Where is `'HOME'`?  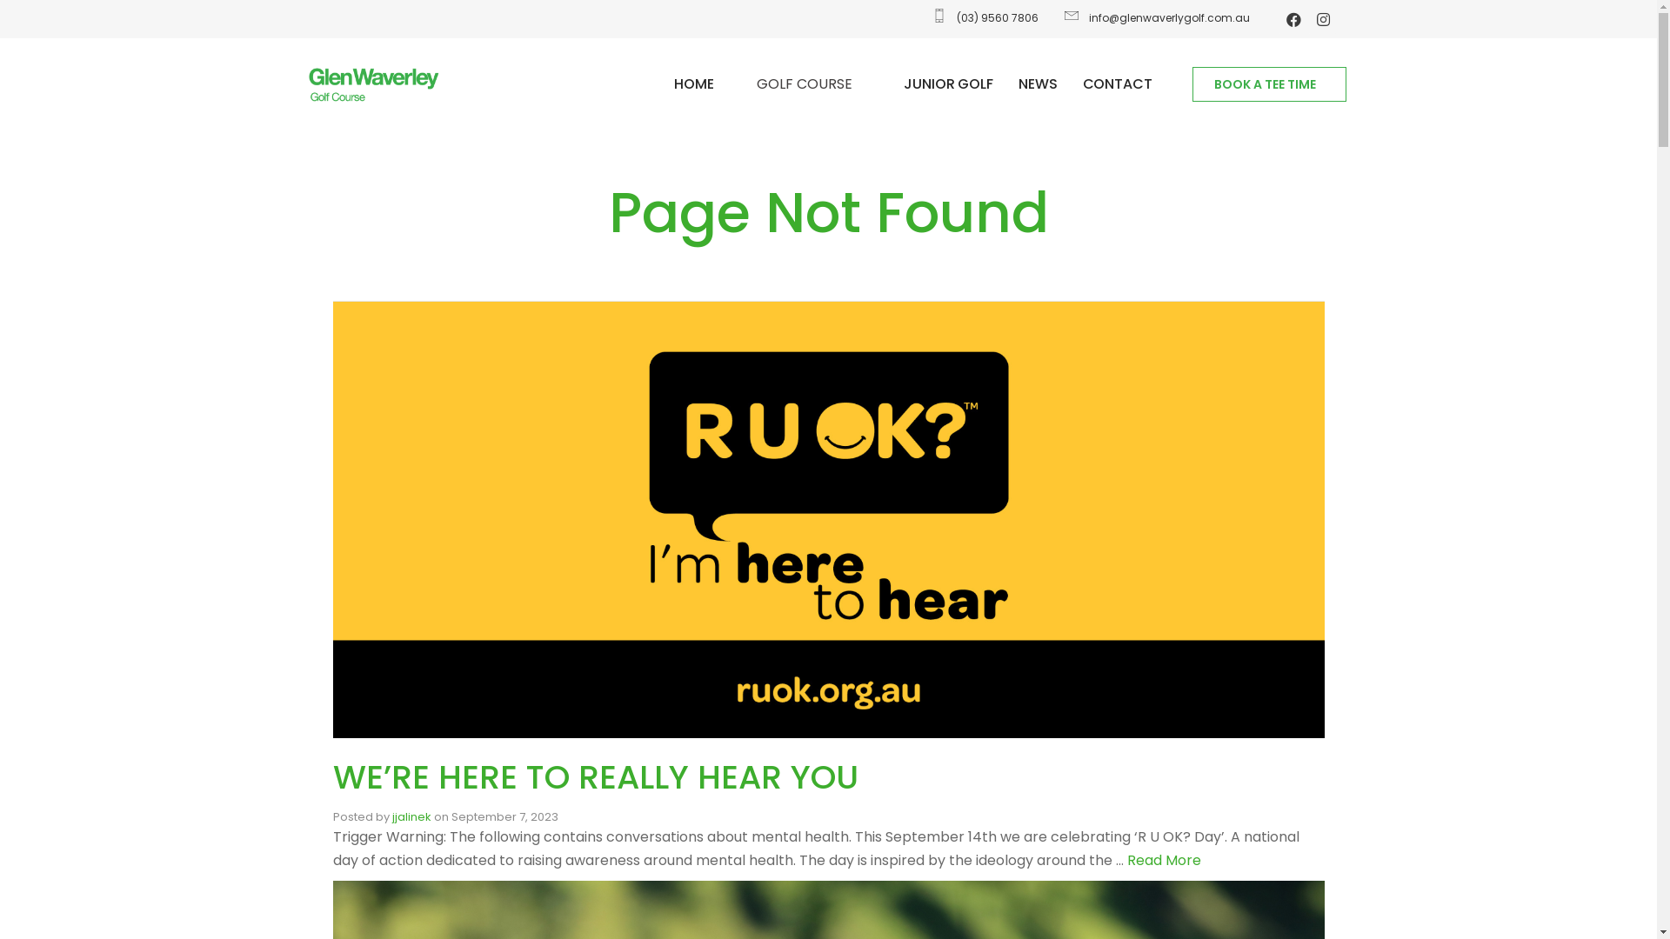
'HOME' is located at coordinates (692, 83).